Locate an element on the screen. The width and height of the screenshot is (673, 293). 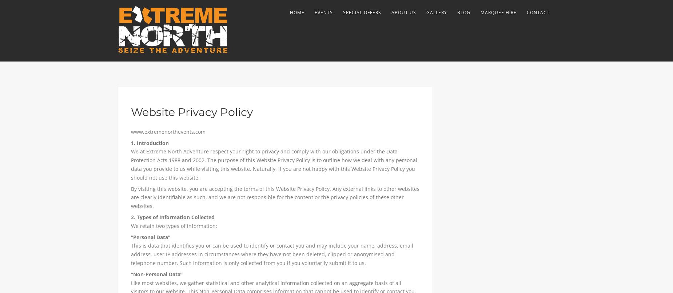
'www.extremenorthevents.com' is located at coordinates (167, 131).